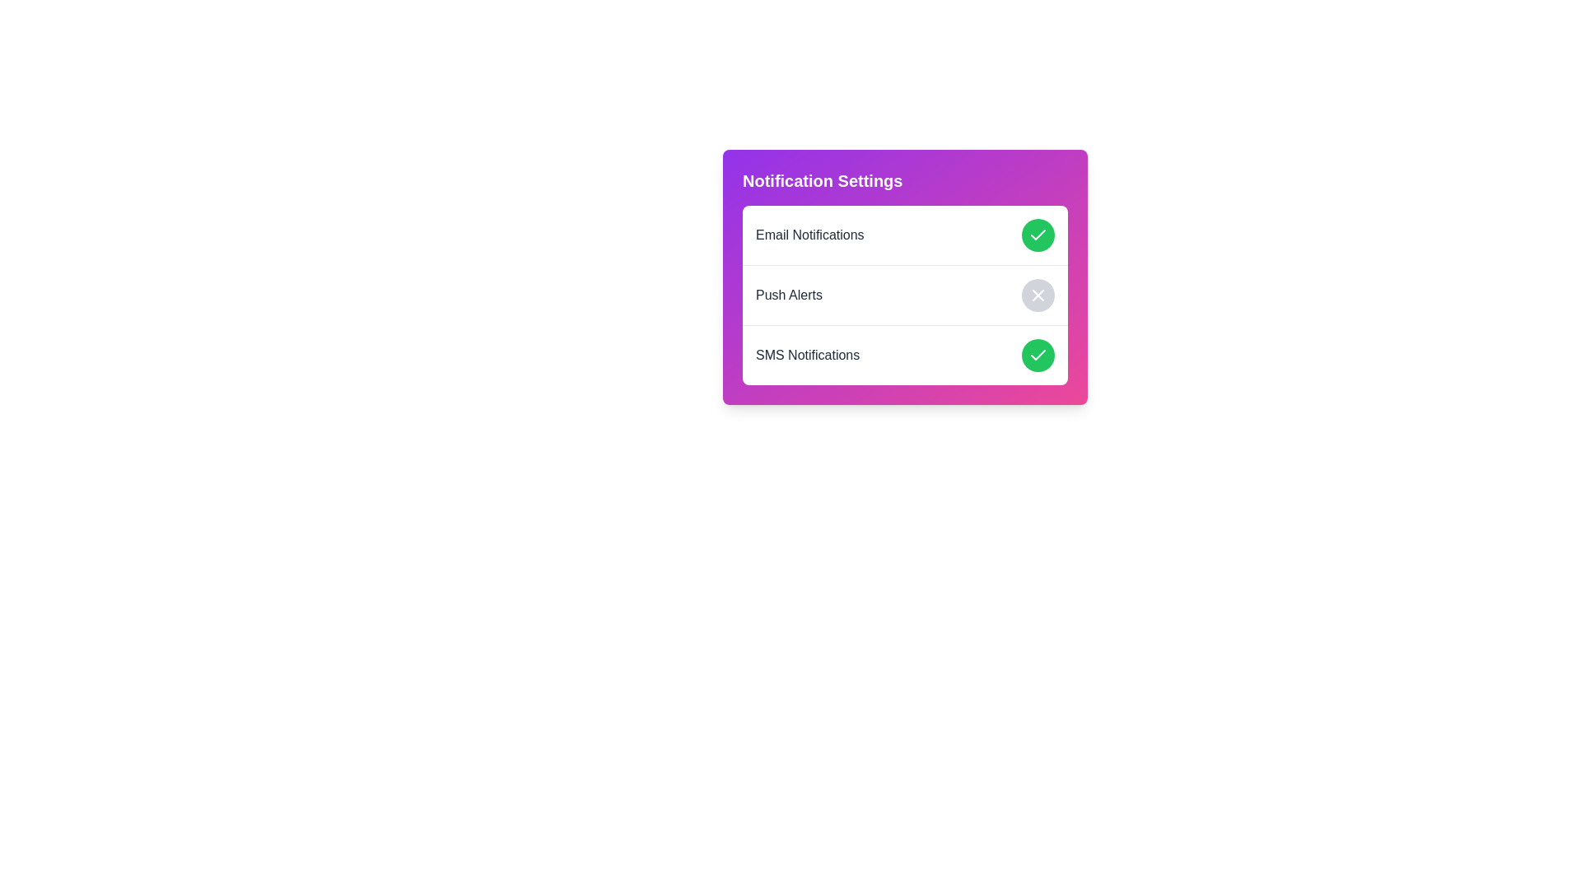 The height and width of the screenshot is (889, 1581). Describe the element at coordinates (808, 355) in the screenshot. I see `the text label that reads 'SMS Notifications', which is styled with a medium font weight and dark gray text color, located within the notification settings card at the bottom of the list of notifications settings` at that location.